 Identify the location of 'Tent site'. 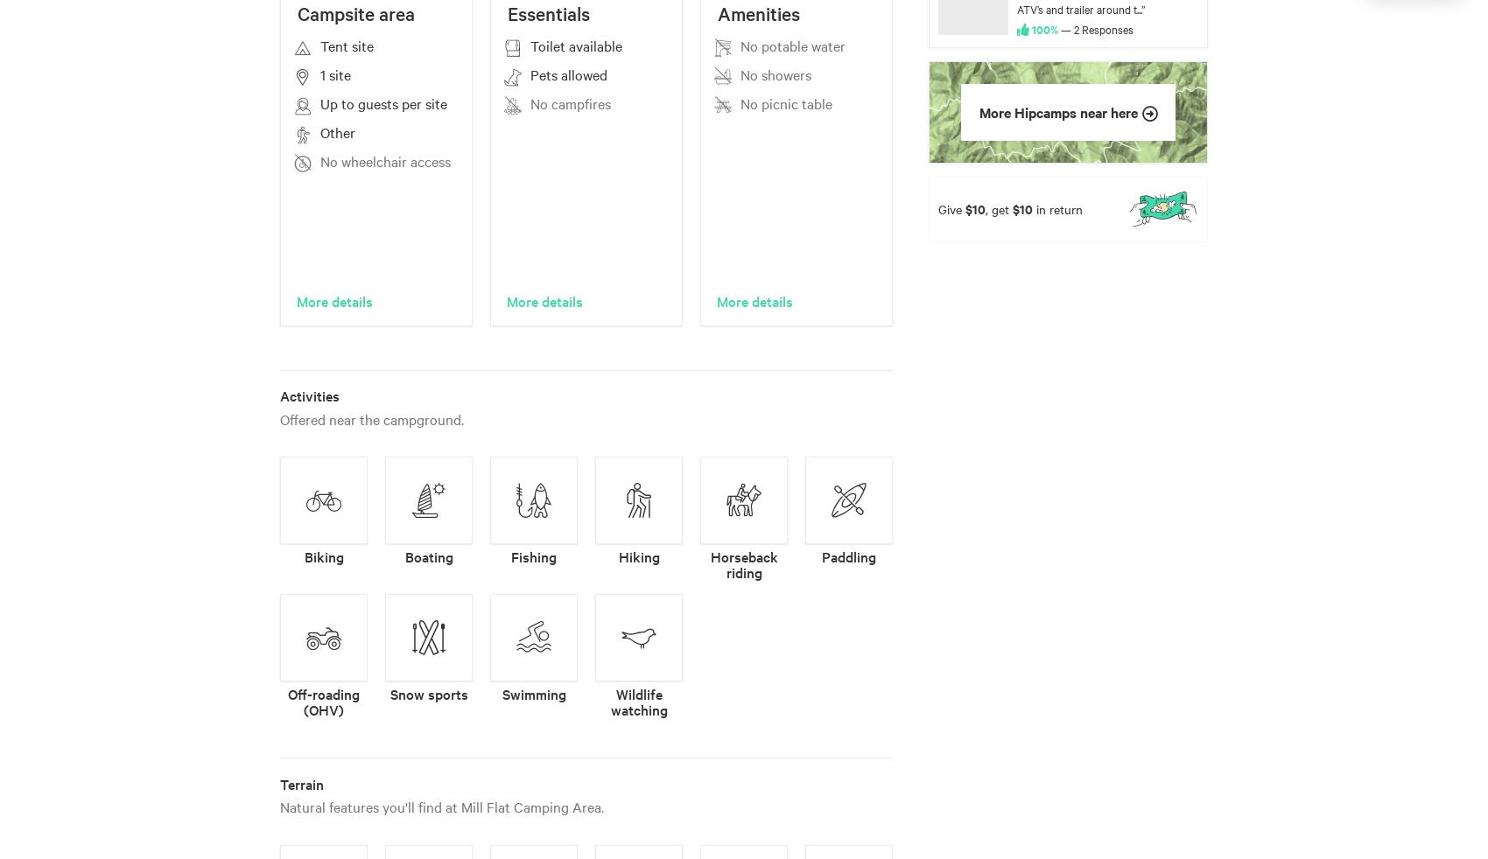
(346, 45).